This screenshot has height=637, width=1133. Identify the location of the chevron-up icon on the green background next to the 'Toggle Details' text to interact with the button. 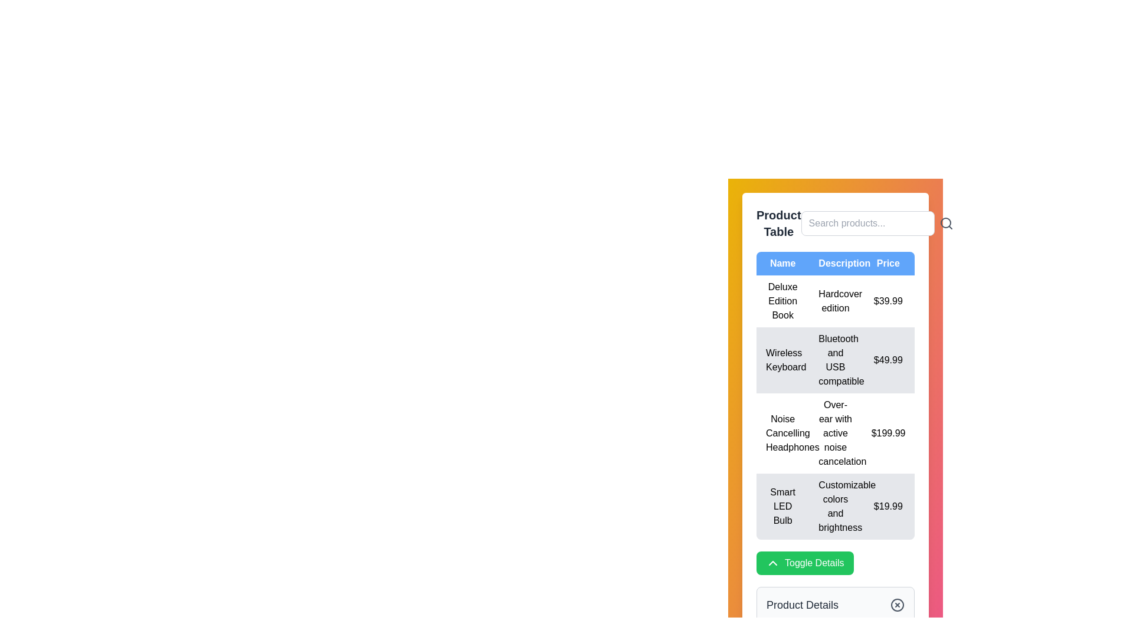
(773, 563).